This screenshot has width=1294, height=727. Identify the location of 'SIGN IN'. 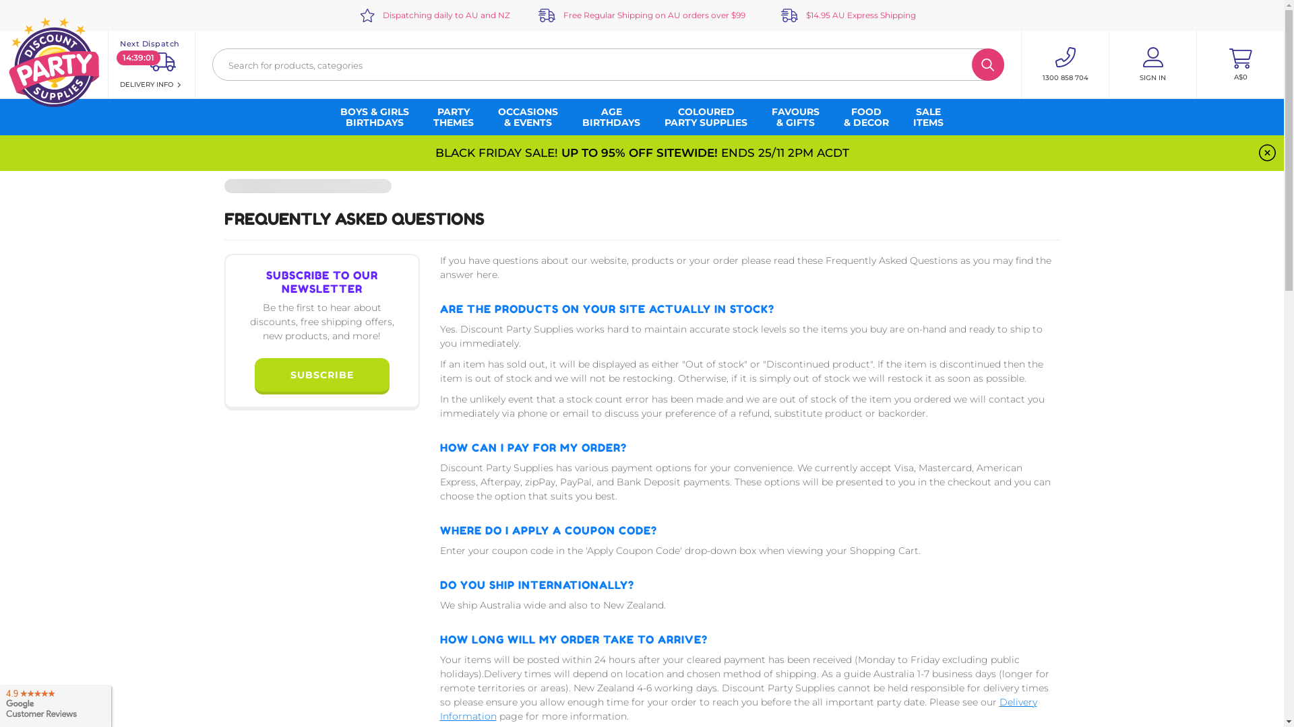
(1152, 65).